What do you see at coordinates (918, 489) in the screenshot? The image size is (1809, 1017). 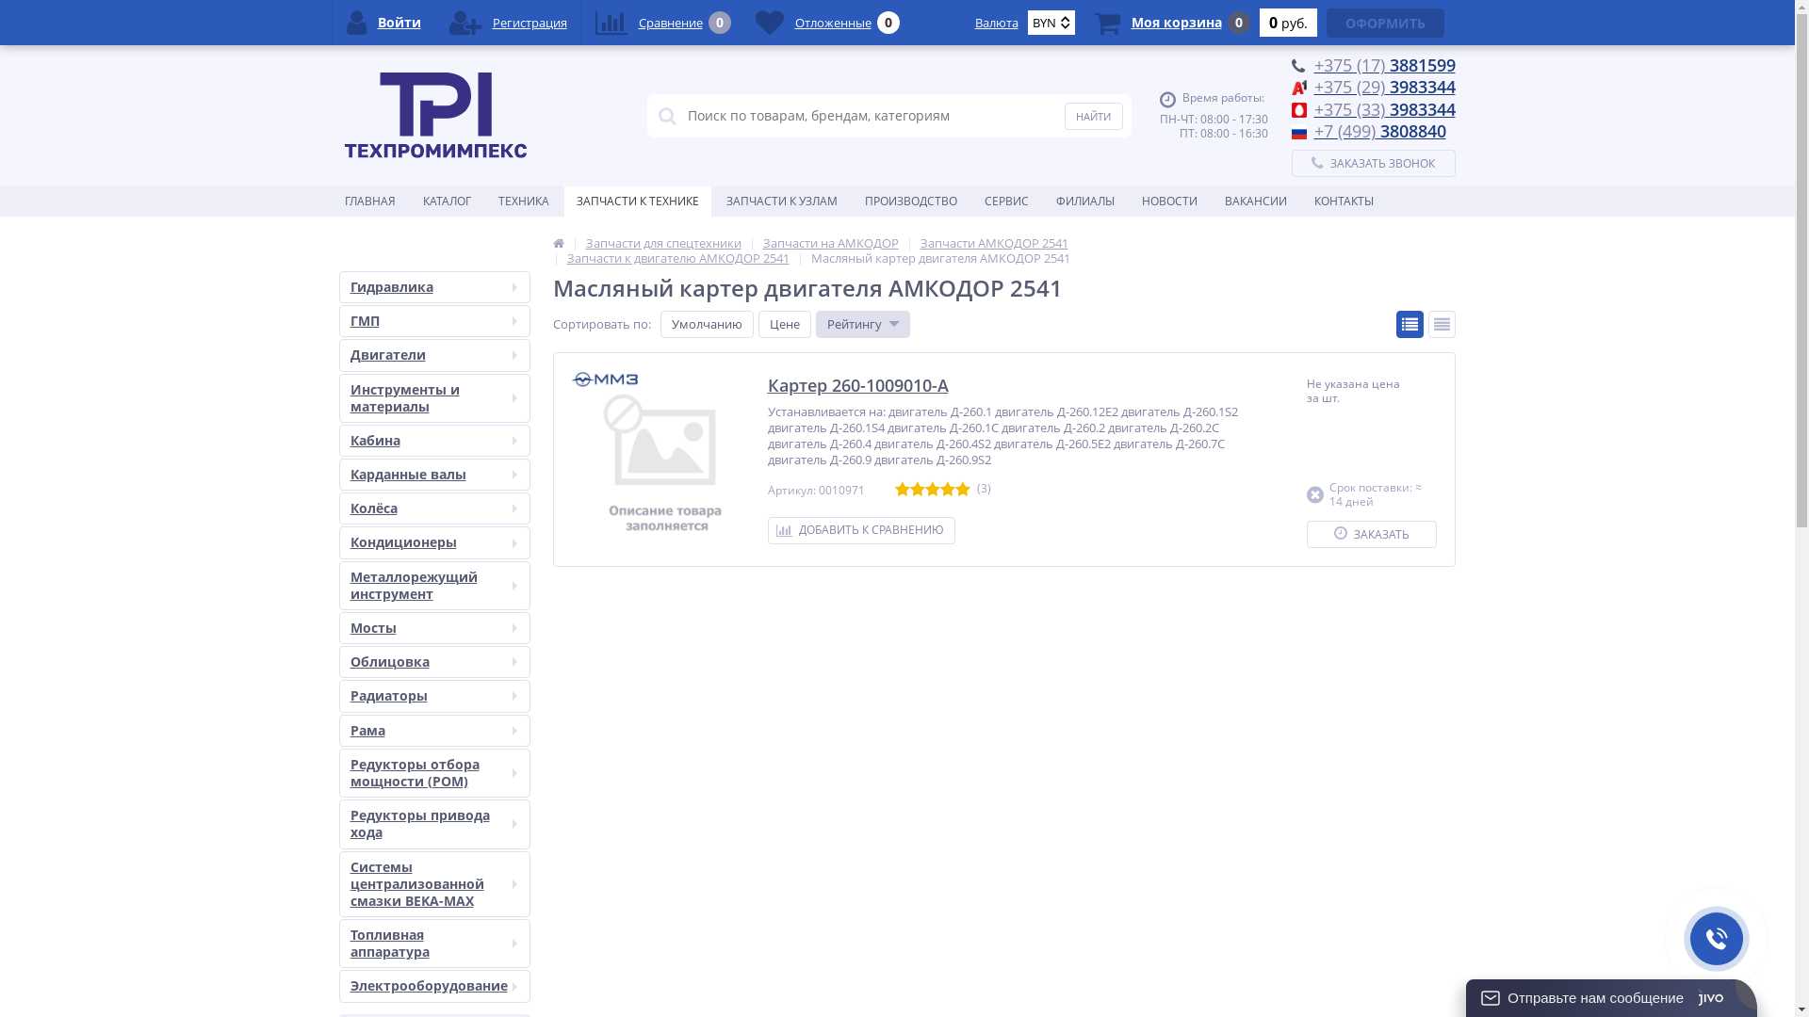 I see `'2'` at bounding box center [918, 489].